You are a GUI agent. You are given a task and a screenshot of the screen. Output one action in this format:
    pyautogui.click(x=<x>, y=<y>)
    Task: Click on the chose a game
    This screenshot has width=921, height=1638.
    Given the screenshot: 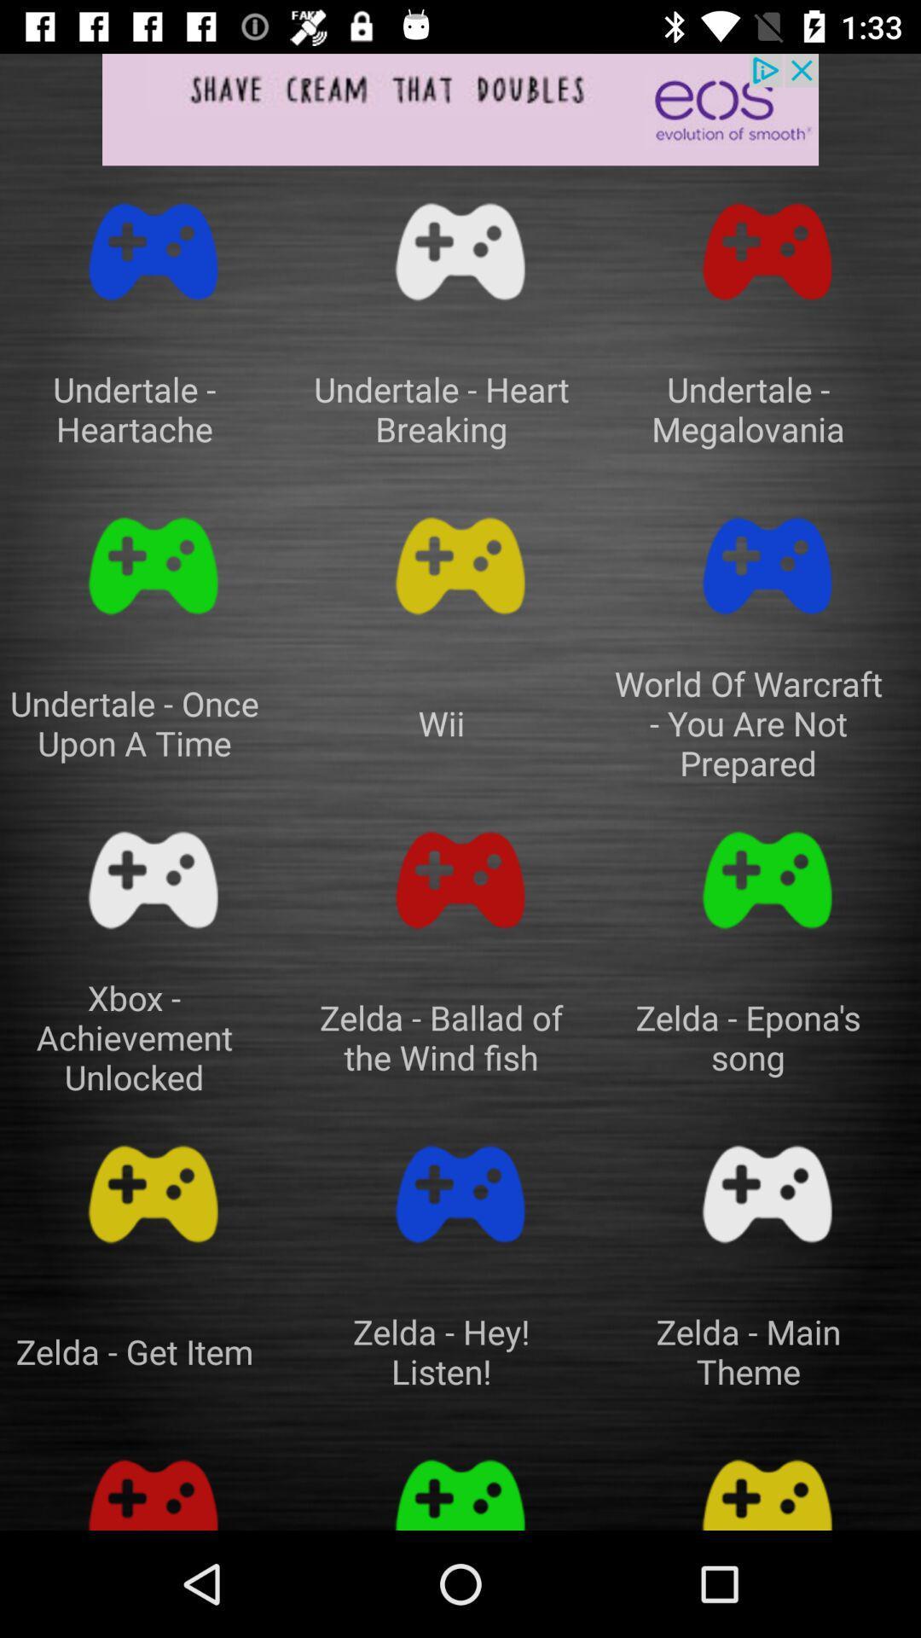 What is the action you would take?
    pyautogui.click(x=766, y=880)
    